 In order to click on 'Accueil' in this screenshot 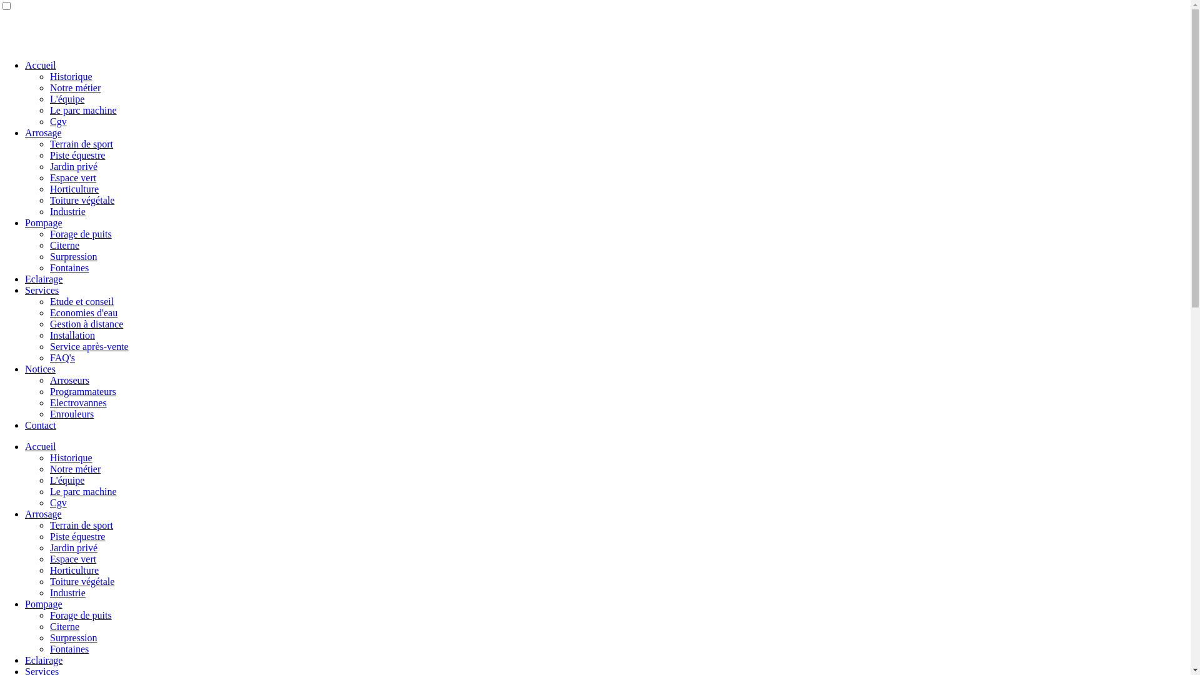, I will do `click(41, 65)`.